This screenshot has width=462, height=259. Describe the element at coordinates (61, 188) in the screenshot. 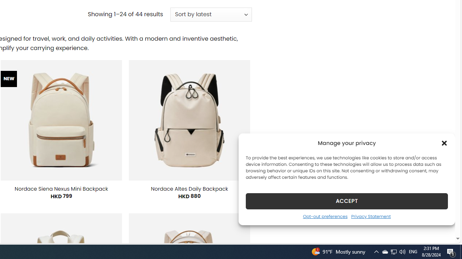

I see `'Nordace Siena Nexus Mini Backpack'` at that location.